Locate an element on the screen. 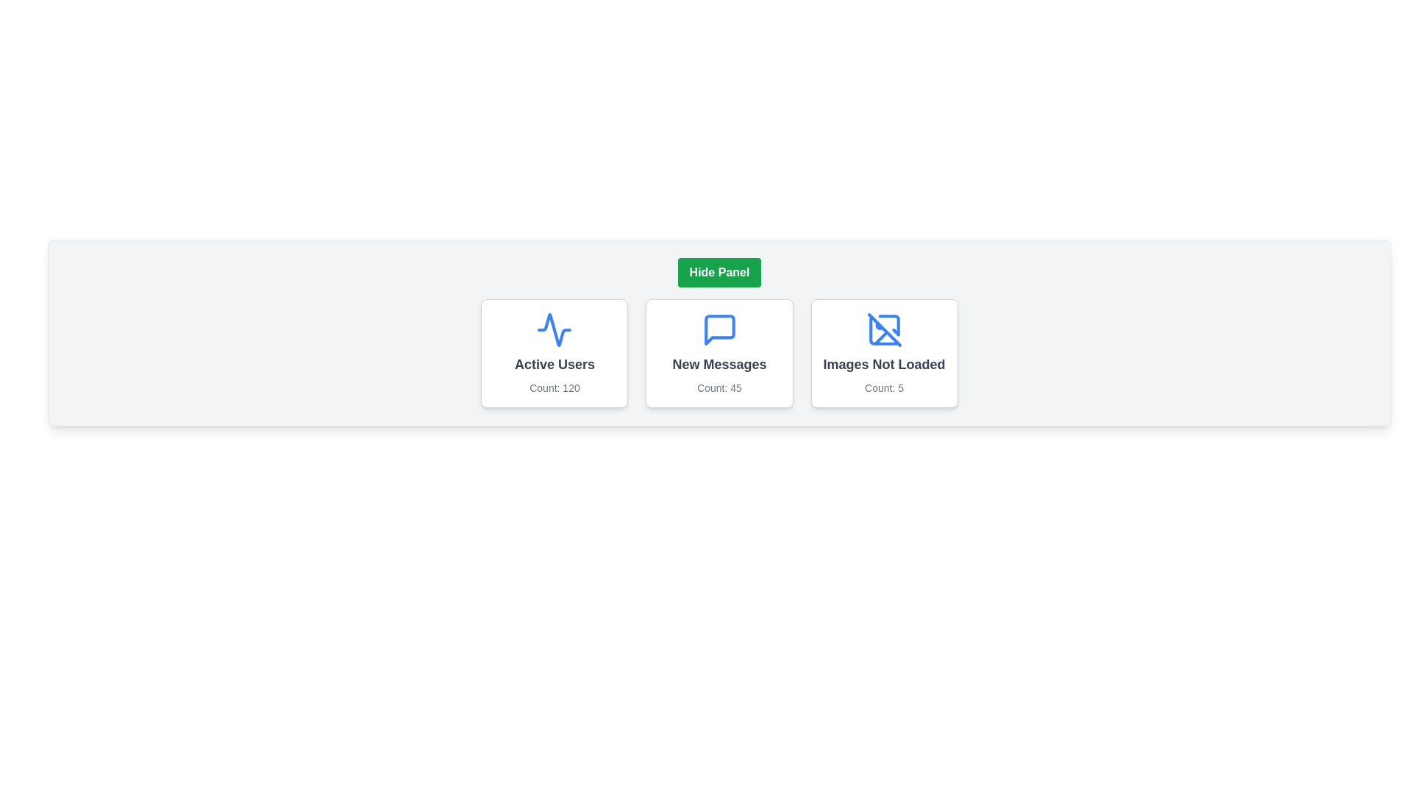 The image size is (1412, 794). the text label that displays the numerical value for 'Count', which indicates the number of 'New Messages' is located at coordinates (719, 387).